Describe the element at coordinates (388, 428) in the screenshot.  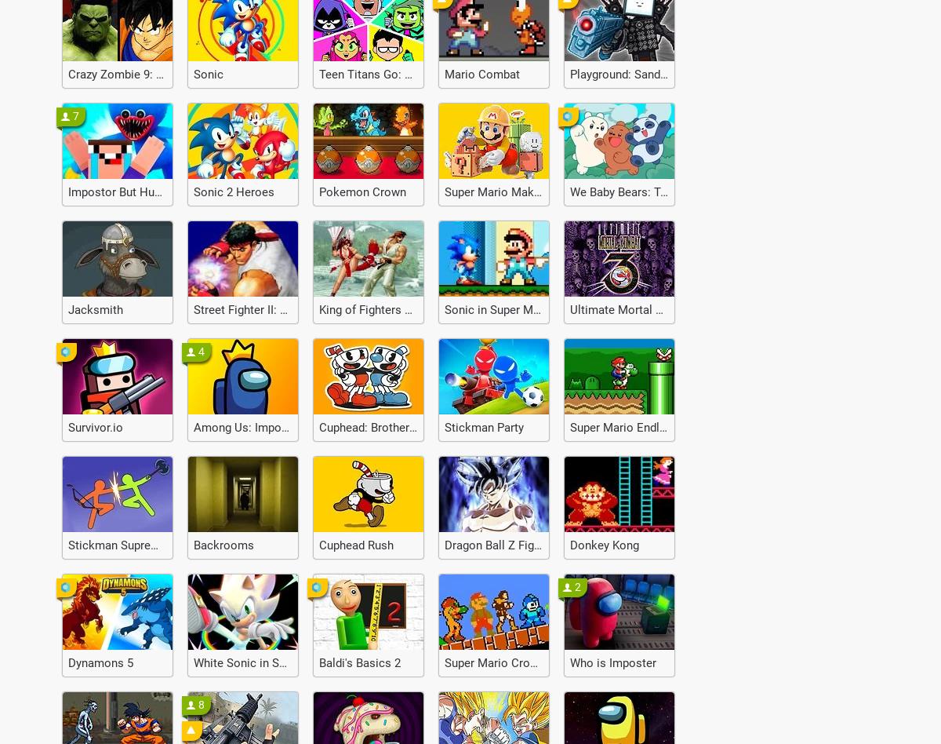
I see `'Cuphead: Brothers in Arms'` at that location.